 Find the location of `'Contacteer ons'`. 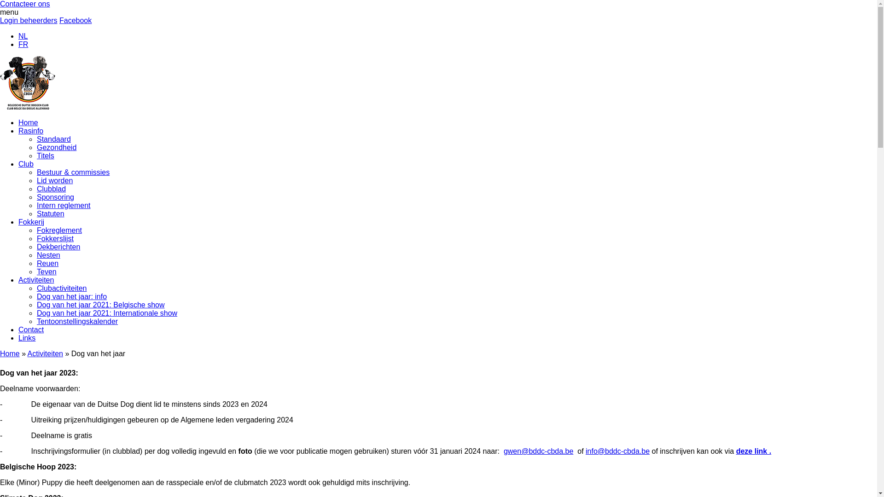

'Contacteer ons' is located at coordinates (25, 4).